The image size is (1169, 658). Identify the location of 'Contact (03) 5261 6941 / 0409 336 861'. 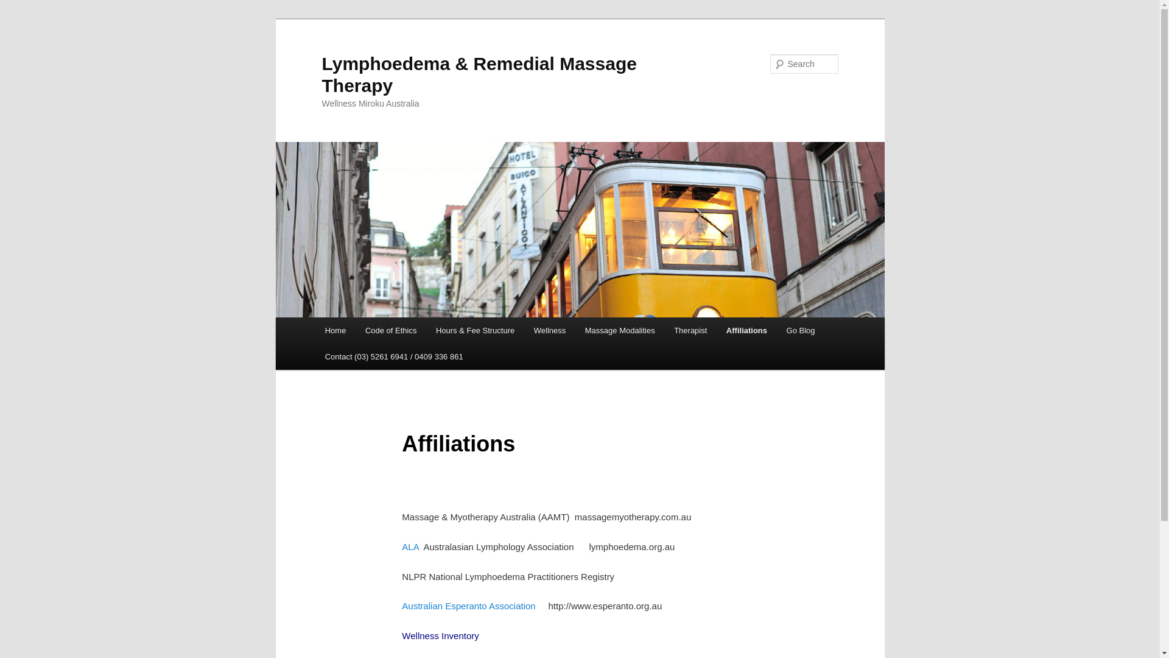
(315, 356).